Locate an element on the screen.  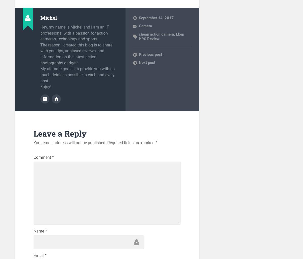
'Michel' is located at coordinates (48, 17).